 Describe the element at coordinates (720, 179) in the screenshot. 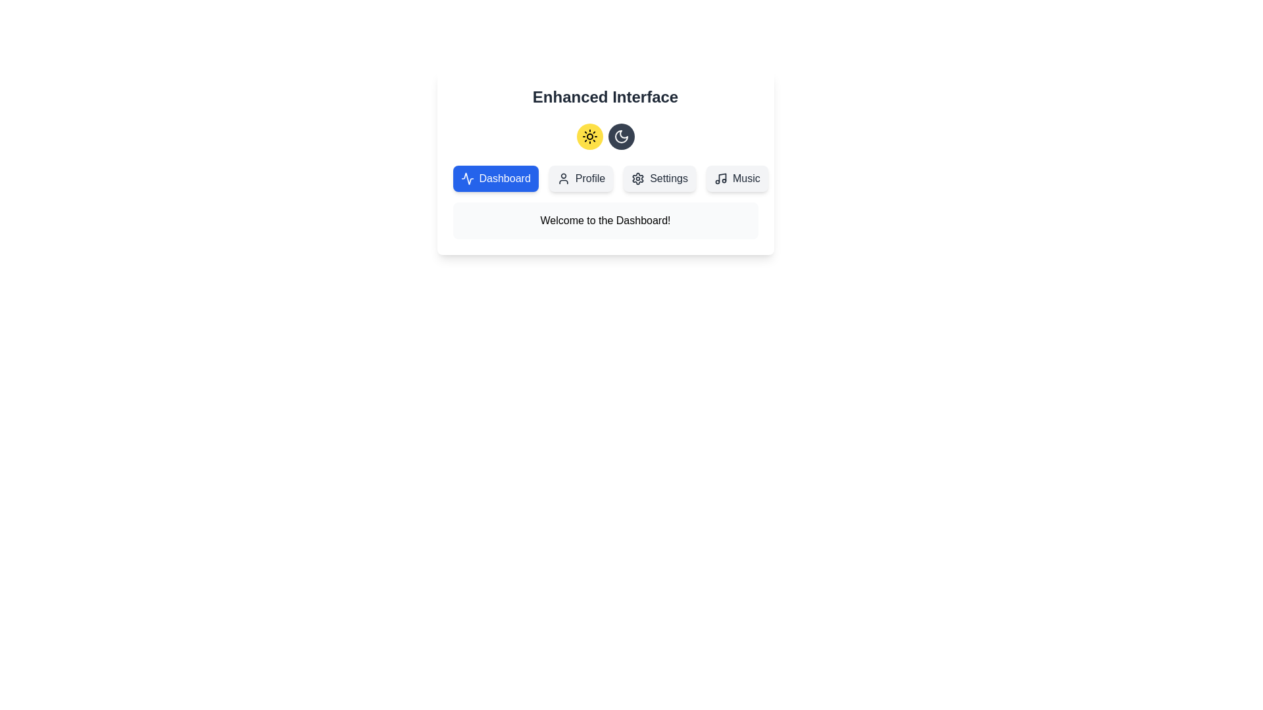

I see `the Music icon located at the far-right of the button row, next to its textual label` at that location.